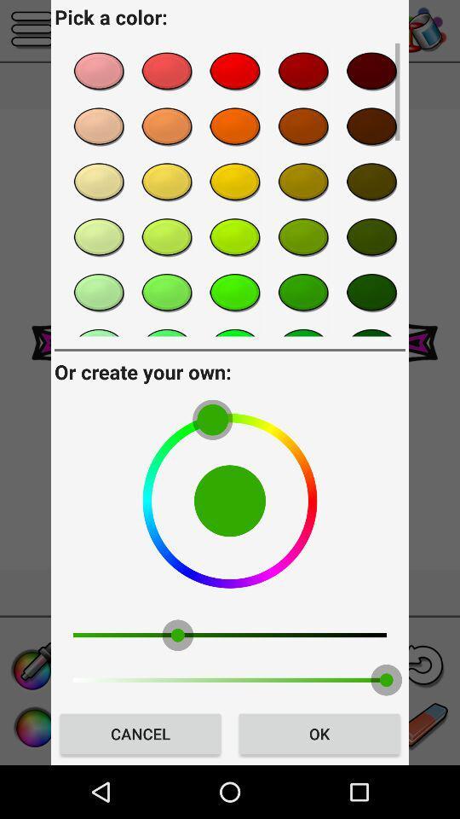 Image resolution: width=460 pixels, height=819 pixels. I want to click on the icon next to ok, so click(140, 733).